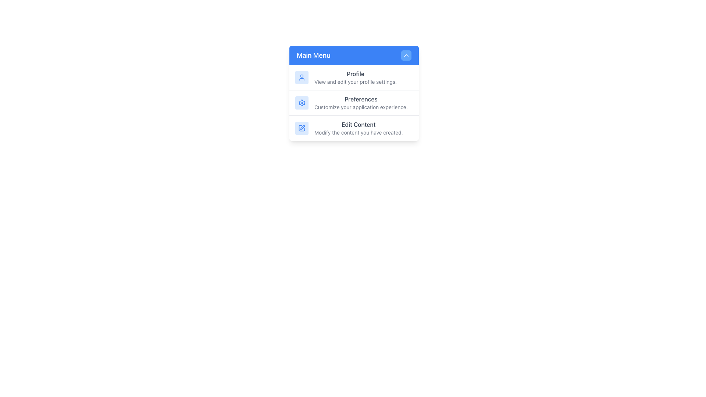  Describe the element at coordinates (302, 103) in the screenshot. I see `the gear icon representing the 'Preferences' option in the menu` at that location.